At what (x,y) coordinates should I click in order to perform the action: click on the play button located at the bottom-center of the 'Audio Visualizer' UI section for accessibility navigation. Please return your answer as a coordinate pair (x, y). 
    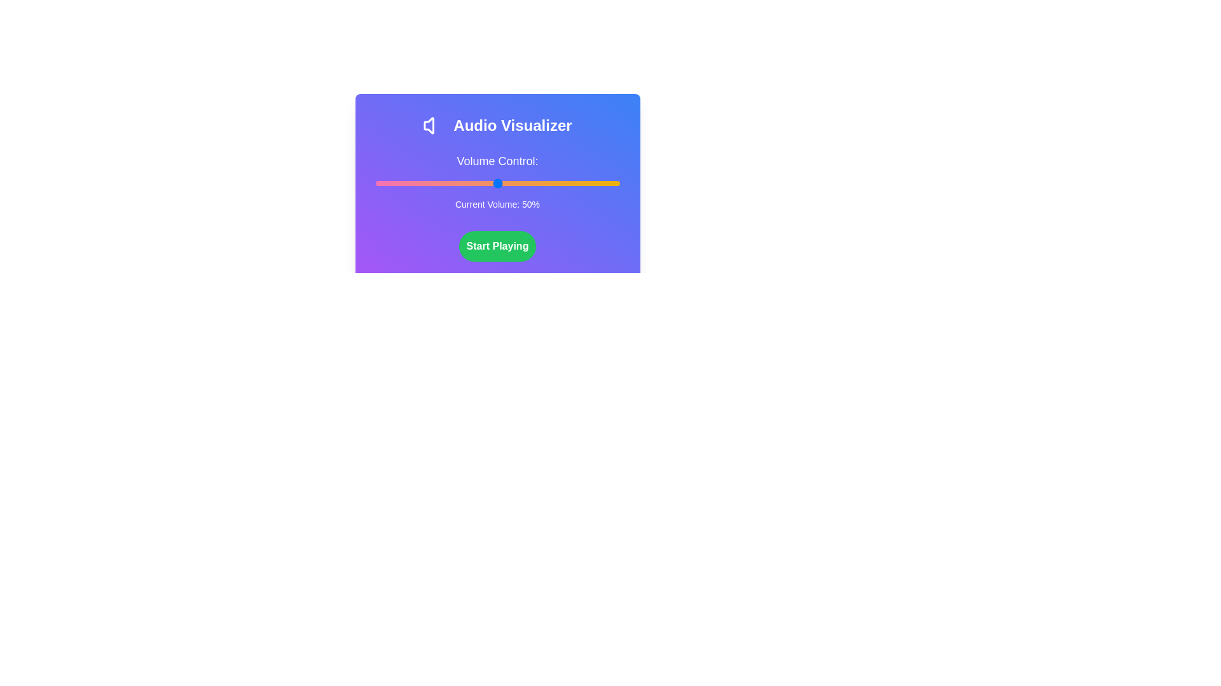
    Looking at the image, I should click on (497, 246).